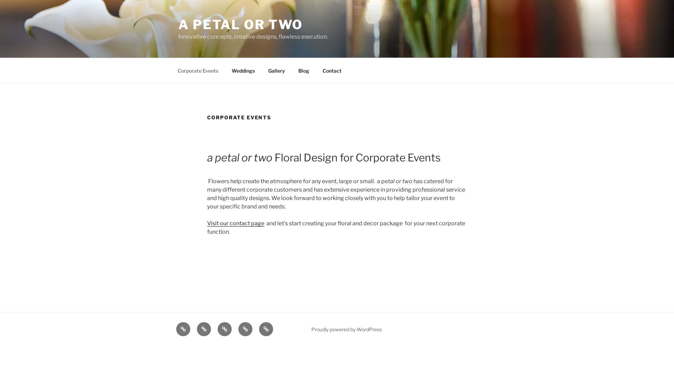 This screenshot has height=379, width=674. Describe the element at coordinates (197, 70) in the screenshot. I see `'Corporate Events'` at that location.